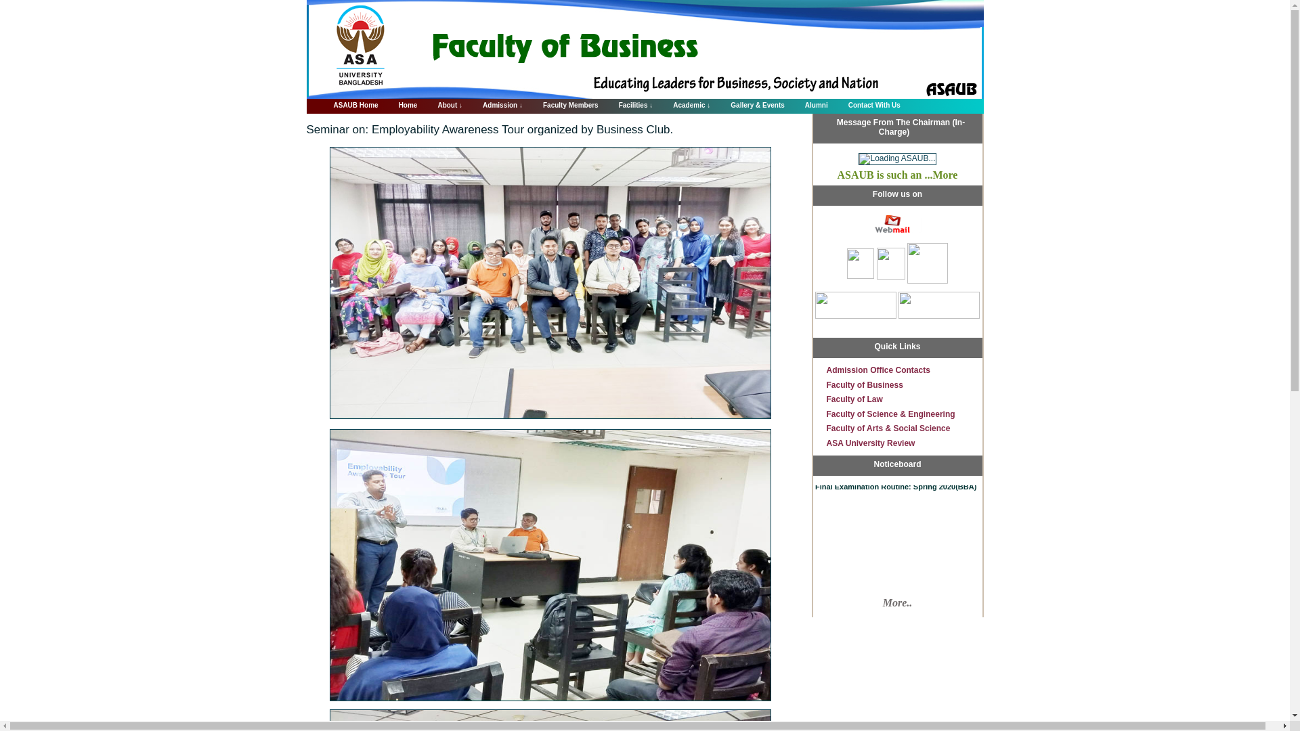 This screenshot has height=731, width=1300. Describe the element at coordinates (564, 103) in the screenshot. I see `'Faculty Members'` at that location.